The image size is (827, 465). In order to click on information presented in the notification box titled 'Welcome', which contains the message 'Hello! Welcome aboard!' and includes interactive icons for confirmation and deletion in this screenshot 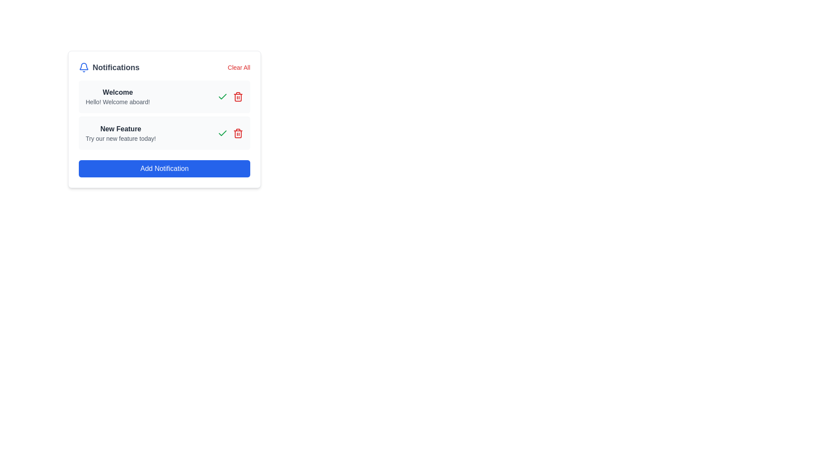, I will do `click(165, 96)`.